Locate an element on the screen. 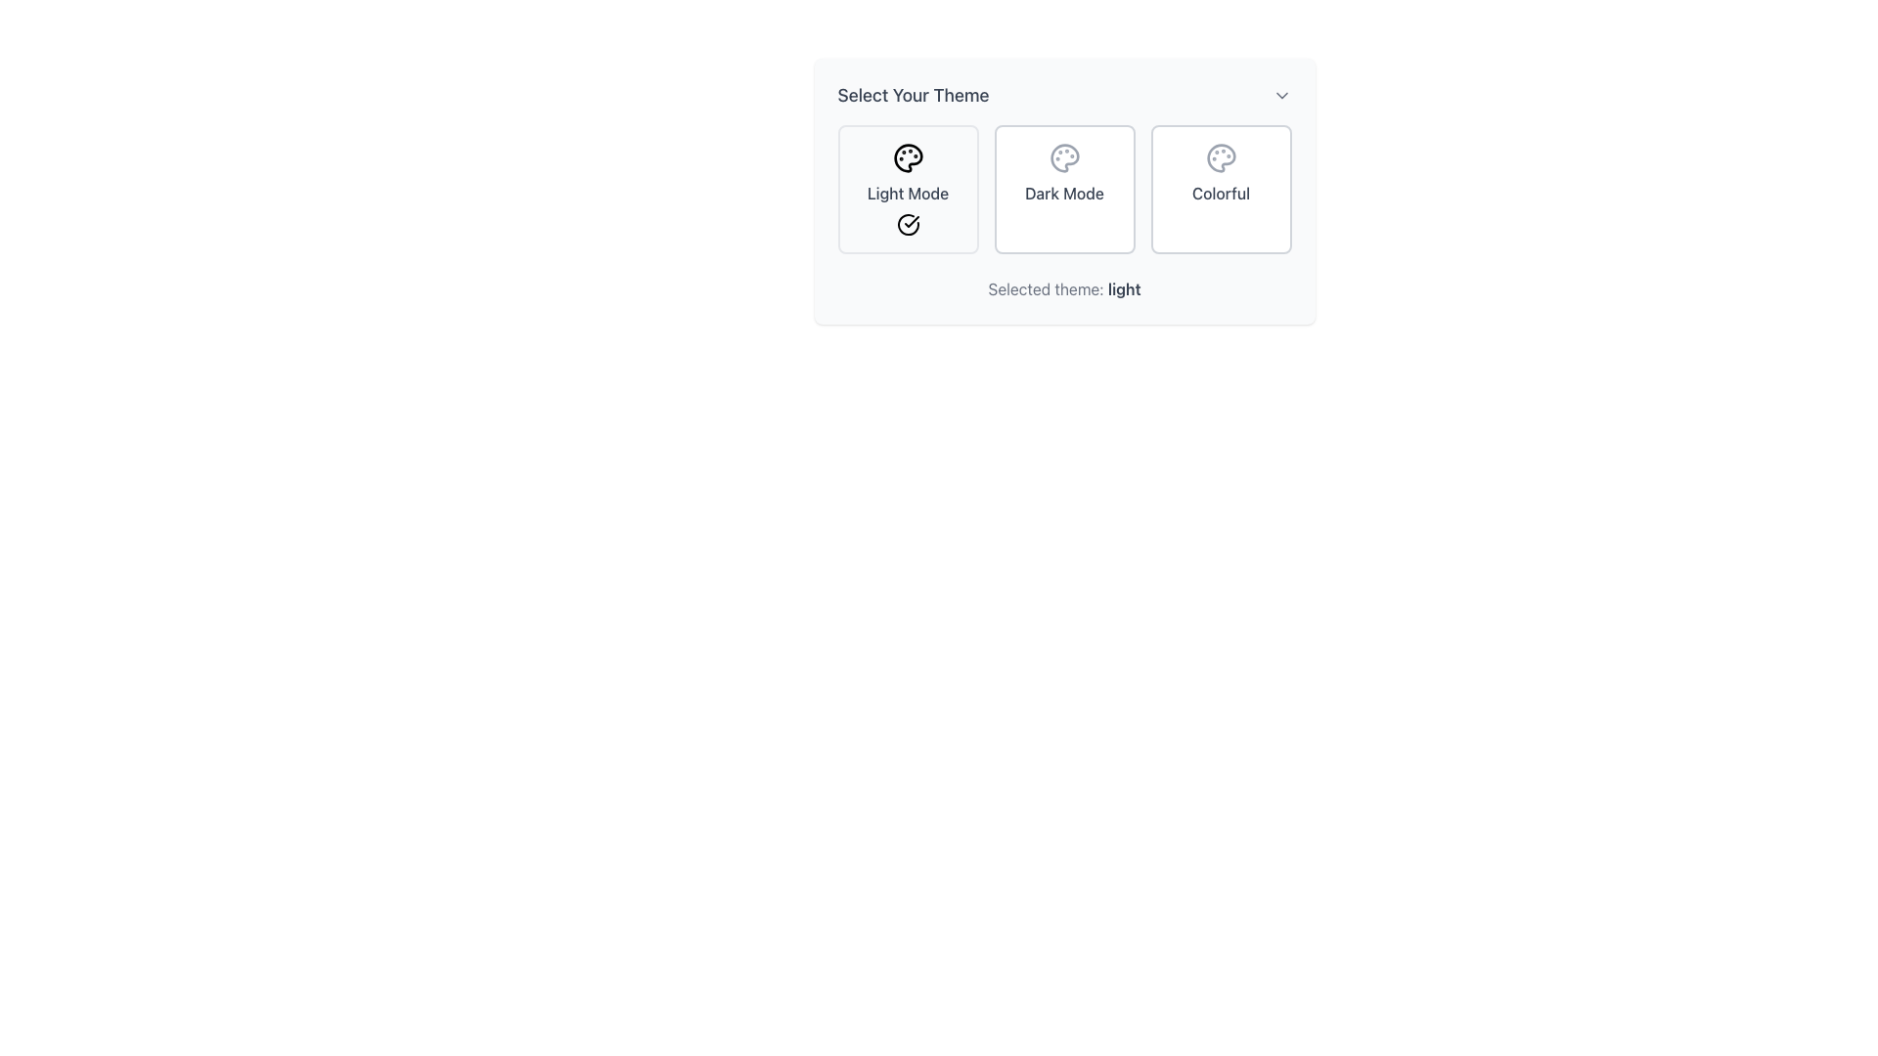 This screenshot has height=1056, width=1878. the 'Light Mode' theme icon located at the leftmost position in the 'Select Your Theme' section is located at coordinates (906, 157).